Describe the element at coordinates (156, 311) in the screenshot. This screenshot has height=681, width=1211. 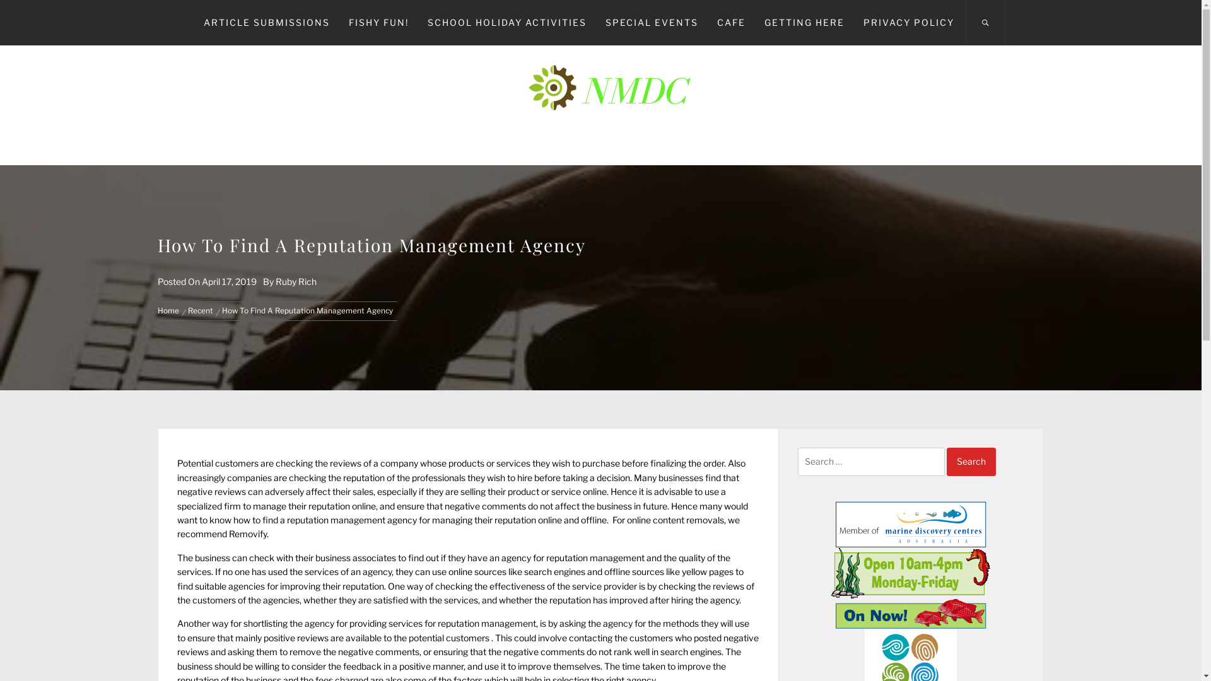
I see `'Home'` at that location.